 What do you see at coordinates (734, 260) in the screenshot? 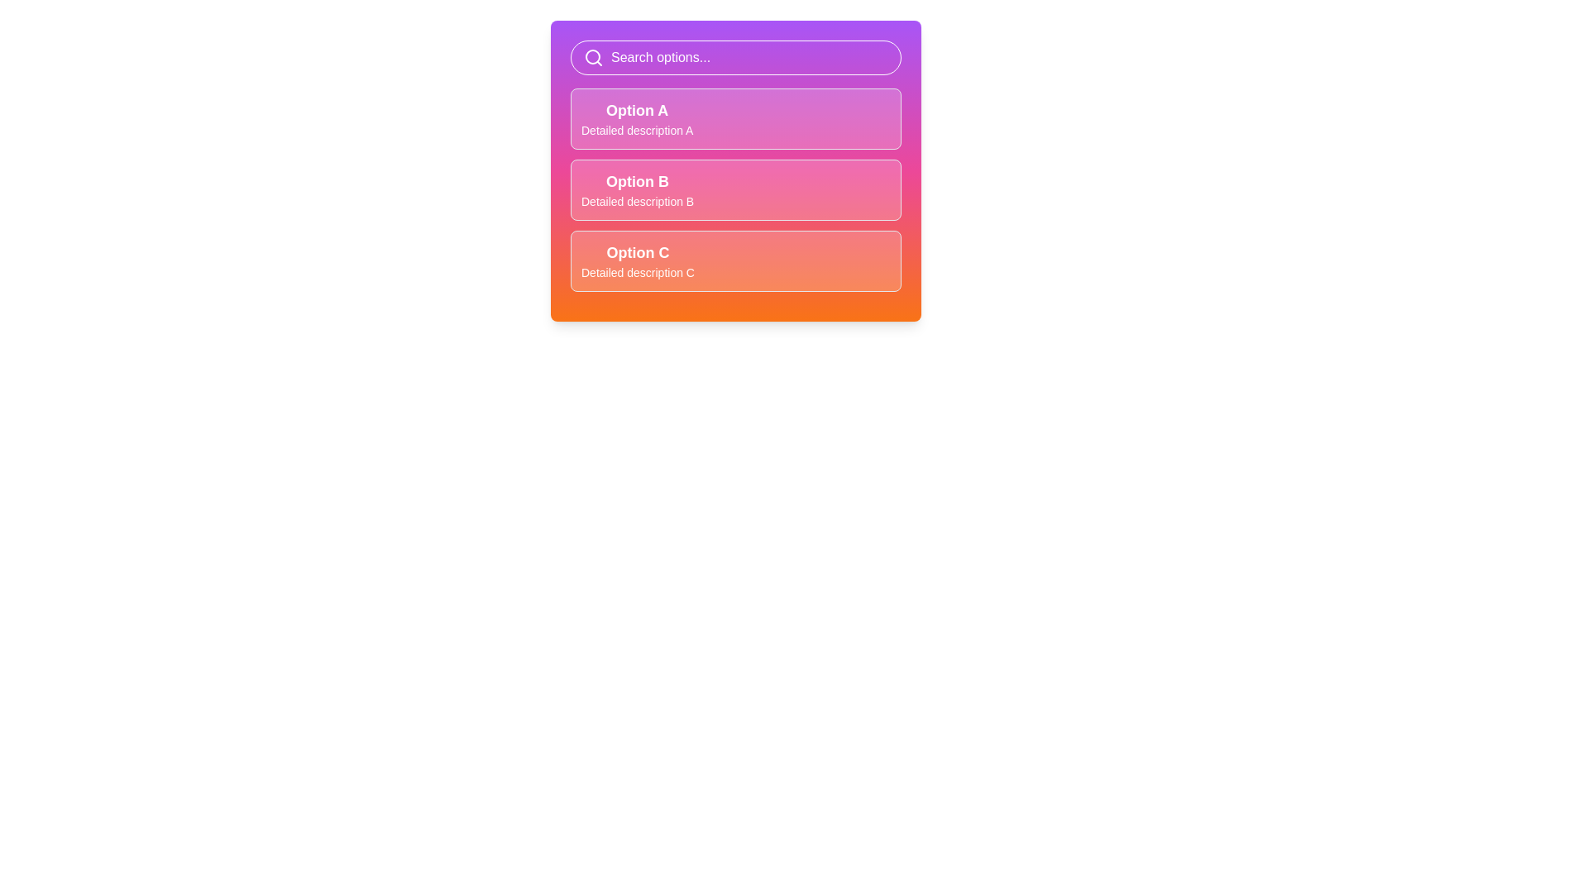
I see `the informational card located at the bottom of the vertical list among three options (Option A, Option B, Option C)` at bounding box center [734, 260].